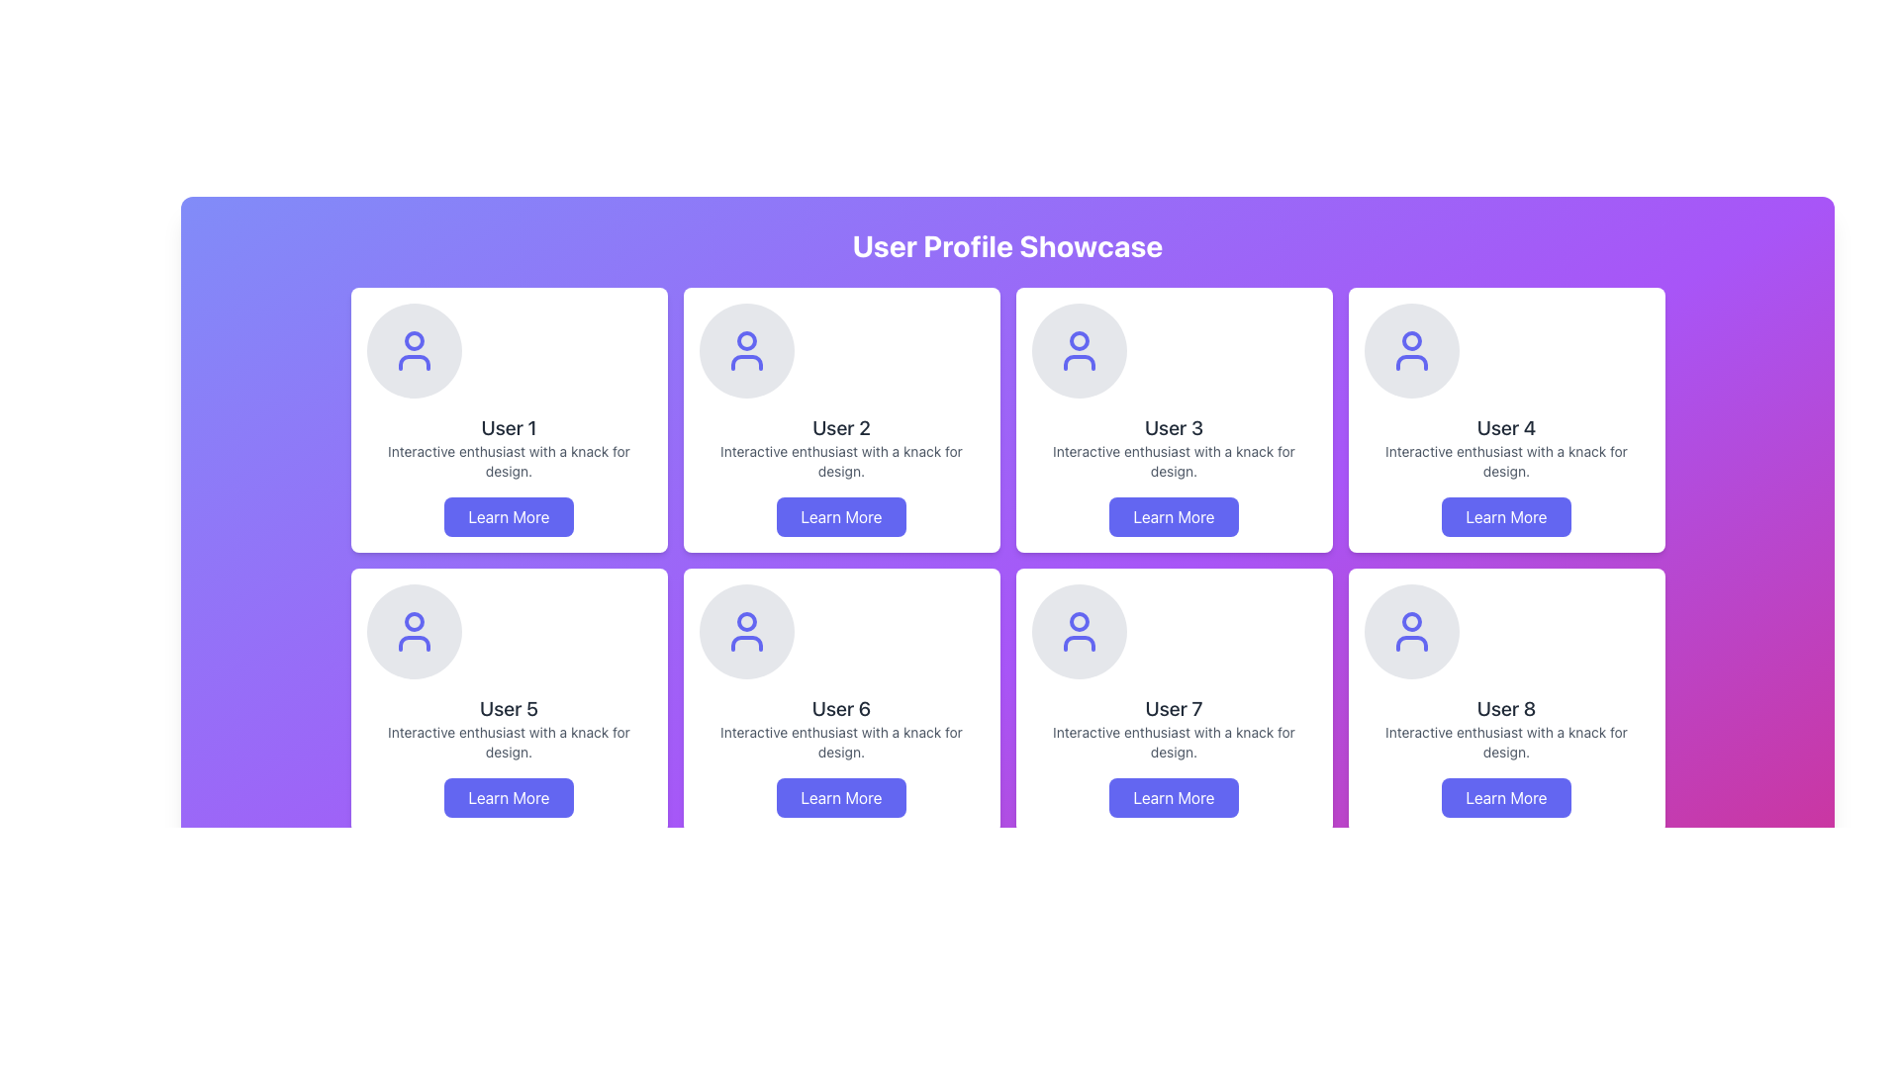 The width and height of the screenshot is (1900, 1068). What do you see at coordinates (1410, 620) in the screenshot?
I see `the circular graphical icon representing the user profile for 'User 8', located in the last row and fourth column of the user showcase grid` at bounding box center [1410, 620].